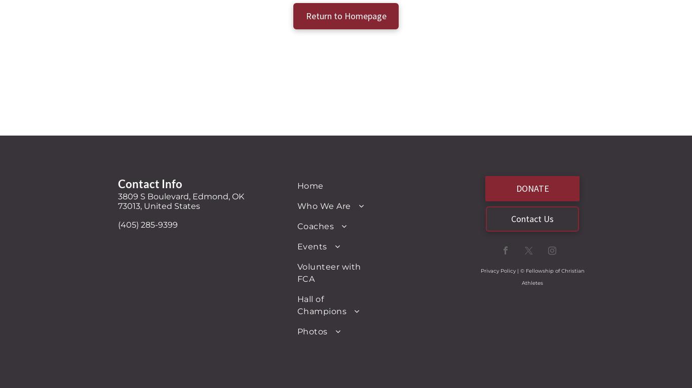  Describe the element at coordinates (118, 224) in the screenshot. I see `'(405) 285-9399'` at that location.